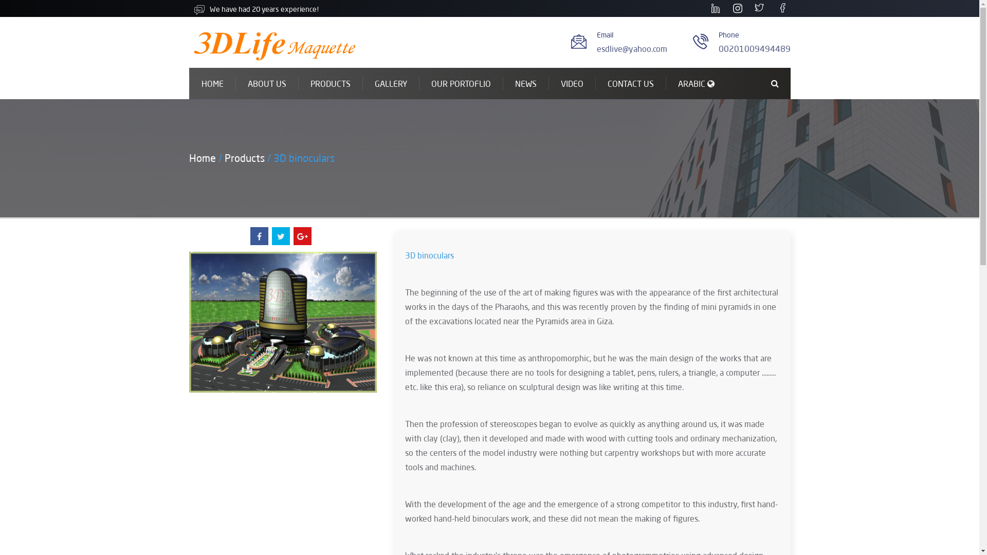 This screenshot has height=555, width=987. Describe the element at coordinates (460, 83) in the screenshot. I see `'OUR PORTOFLIO'` at that location.